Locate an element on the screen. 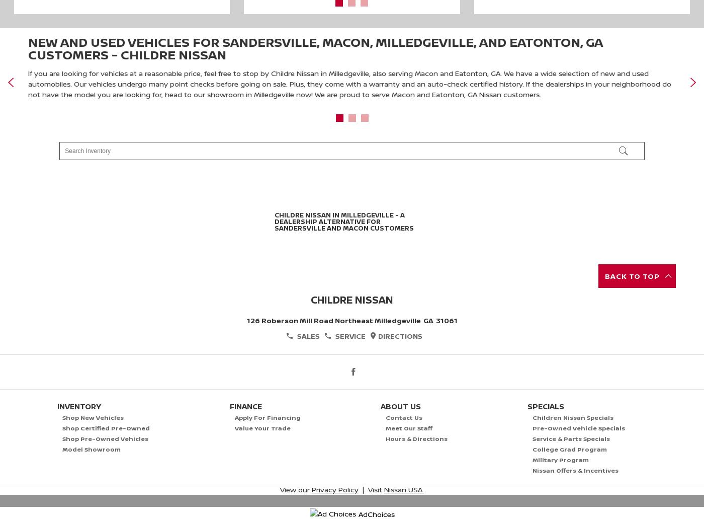 The width and height of the screenshot is (704, 519). '31061' is located at coordinates (435, 319).